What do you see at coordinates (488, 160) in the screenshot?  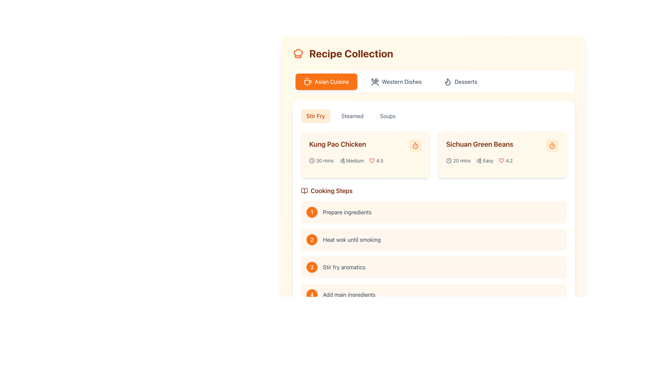 I see `the difficulty level label for the 'Sichuan Green Beans' recipe, which is located to the right of the thermometer icon and above the star rating` at bounding box center [488, 160].